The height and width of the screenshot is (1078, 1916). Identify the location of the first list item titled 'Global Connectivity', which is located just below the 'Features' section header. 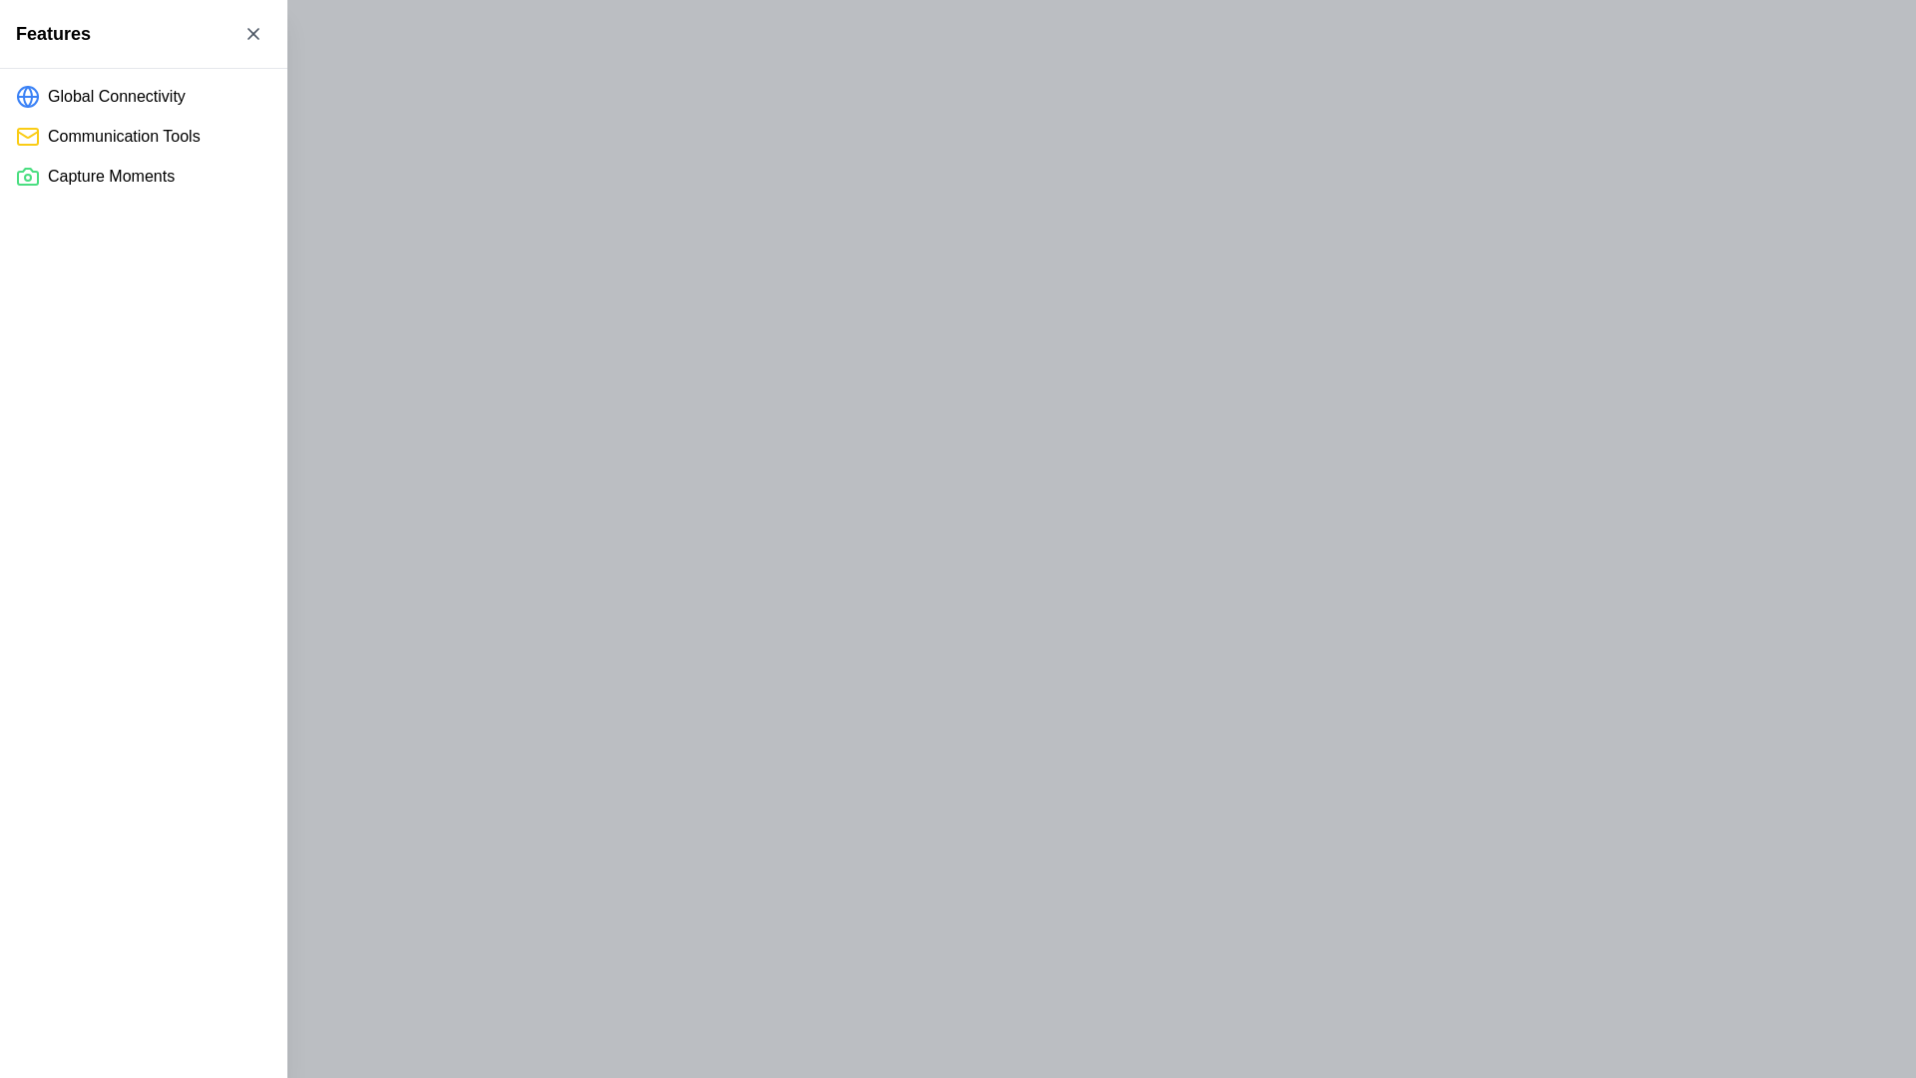
(143, 96).